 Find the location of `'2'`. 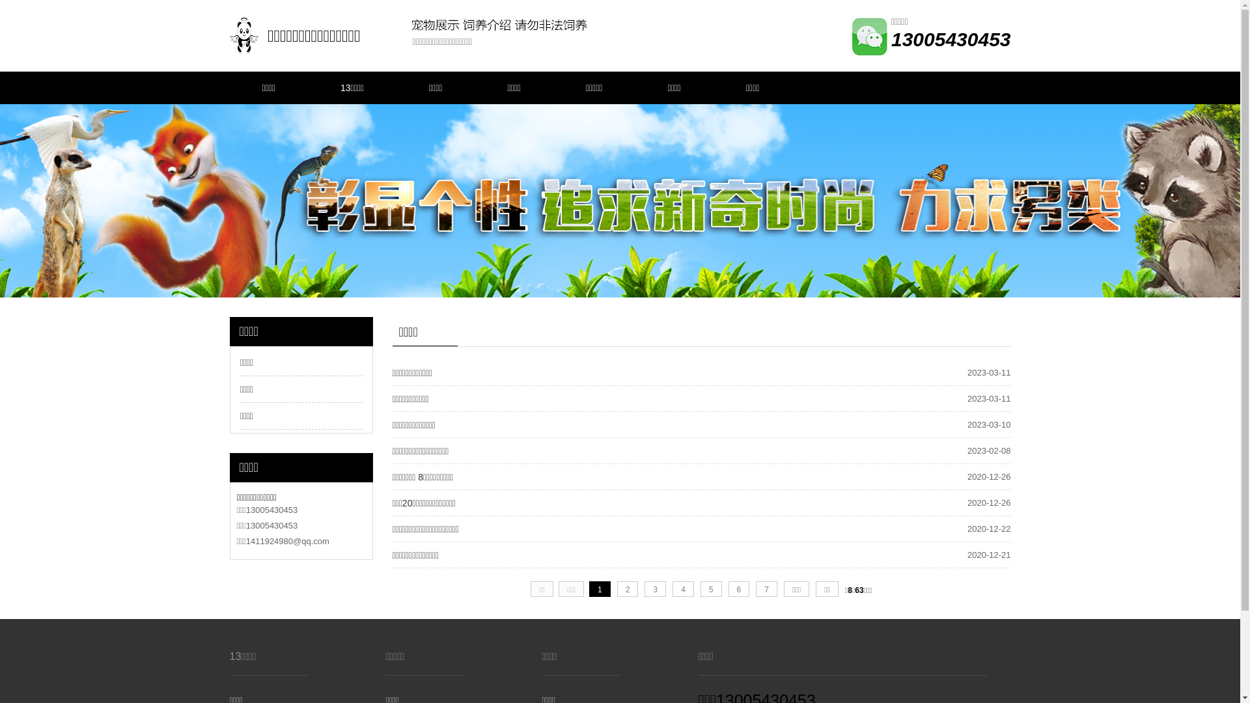

'2' is located at coordinates (628, 589).